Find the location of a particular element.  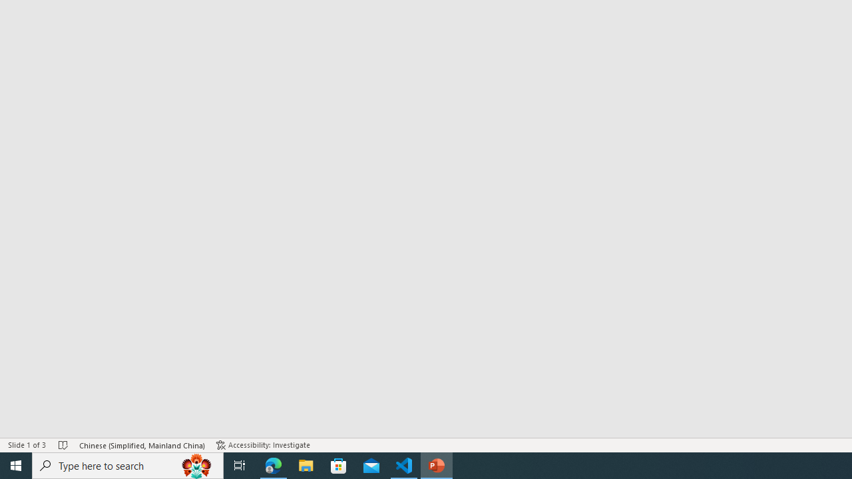

'Accessibility Checker Accessibility: Investigate' is located at coordinates (263, 445).